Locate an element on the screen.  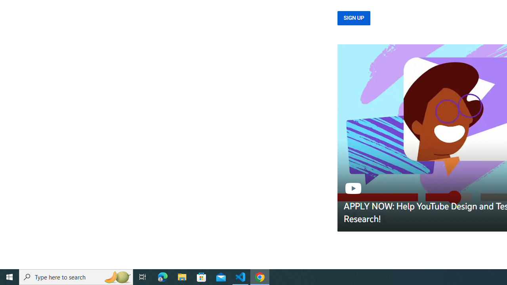
'SIGN UP' is located at coordinates (353, 18).